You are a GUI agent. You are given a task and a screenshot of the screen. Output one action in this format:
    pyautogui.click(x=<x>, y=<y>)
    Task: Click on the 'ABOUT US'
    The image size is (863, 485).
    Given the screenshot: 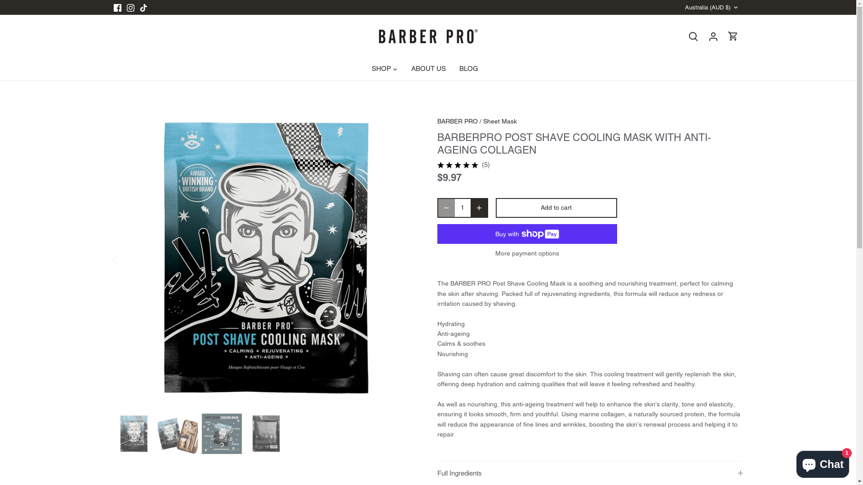 What is the action you would take?
    pyautogui.click(x=428, y=69)
    